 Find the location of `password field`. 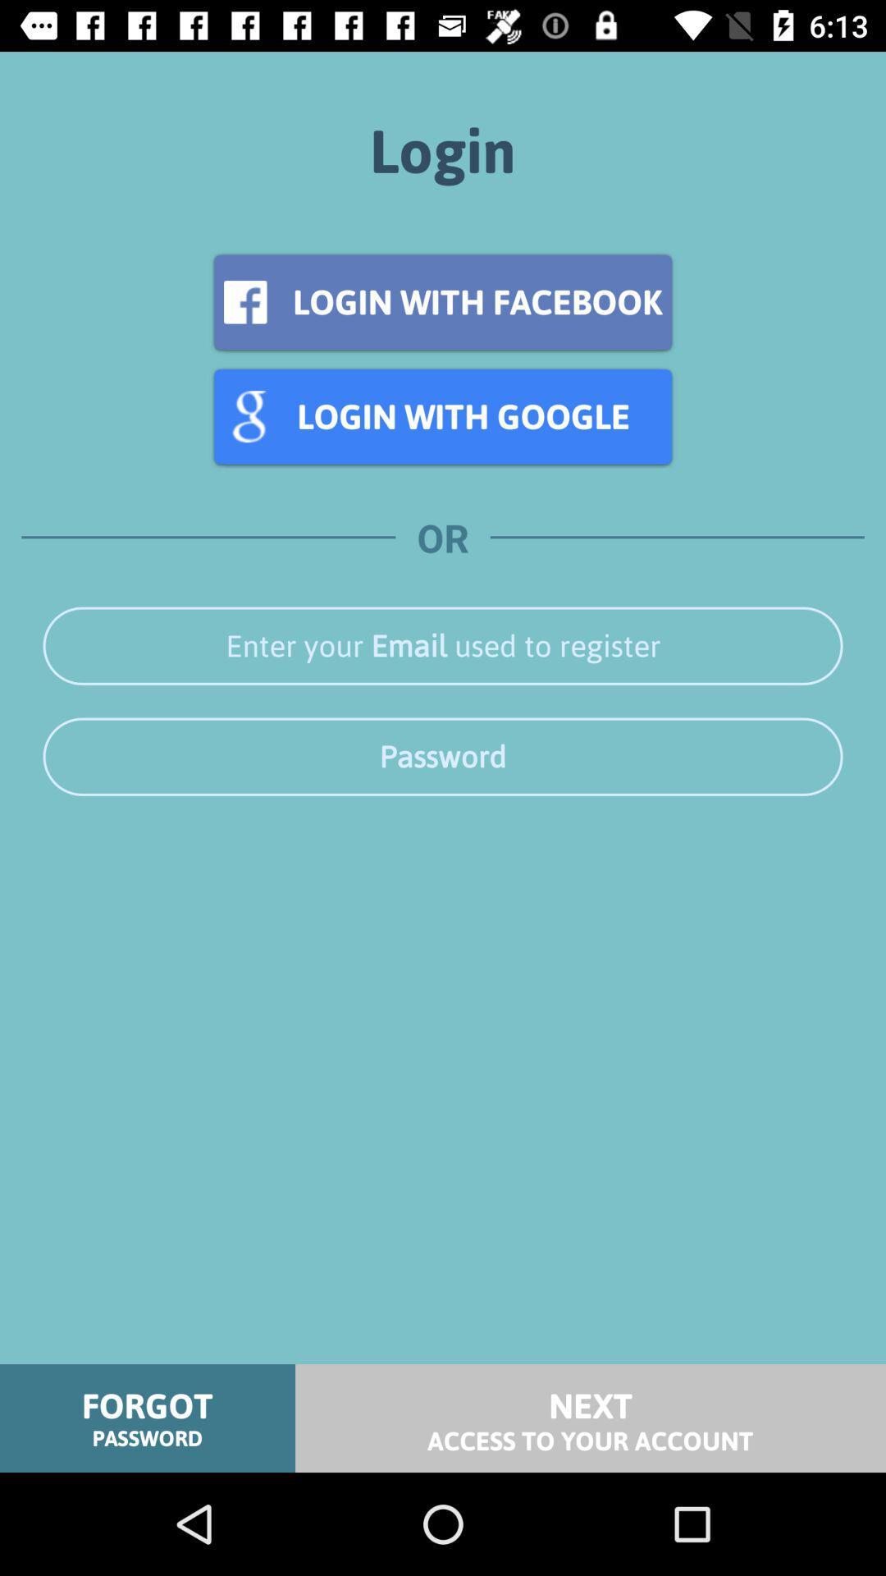

password field is located at coordinates (443, 756).